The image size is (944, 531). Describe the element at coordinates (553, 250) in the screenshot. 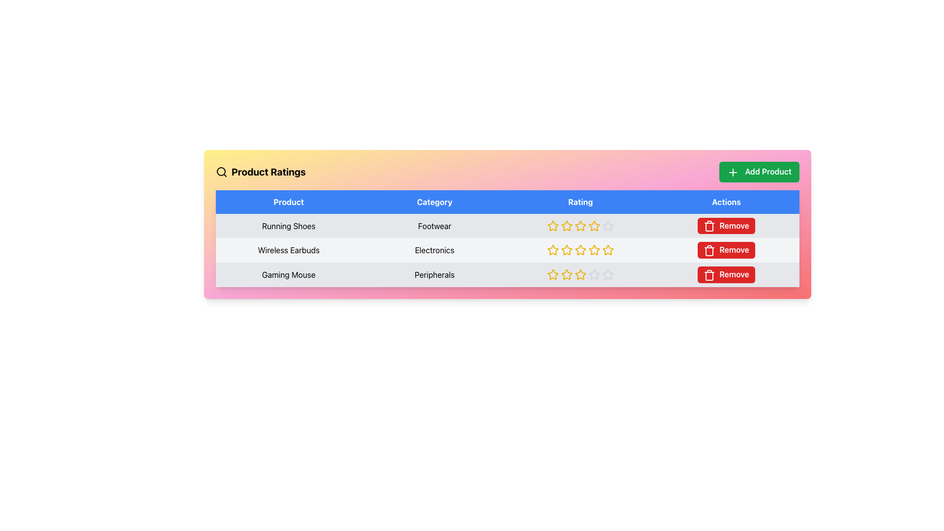

I see `the third star icon with a yellow outline in the 'Rating' column of the 'Wireless Earbuds' row to rate it` at that location.